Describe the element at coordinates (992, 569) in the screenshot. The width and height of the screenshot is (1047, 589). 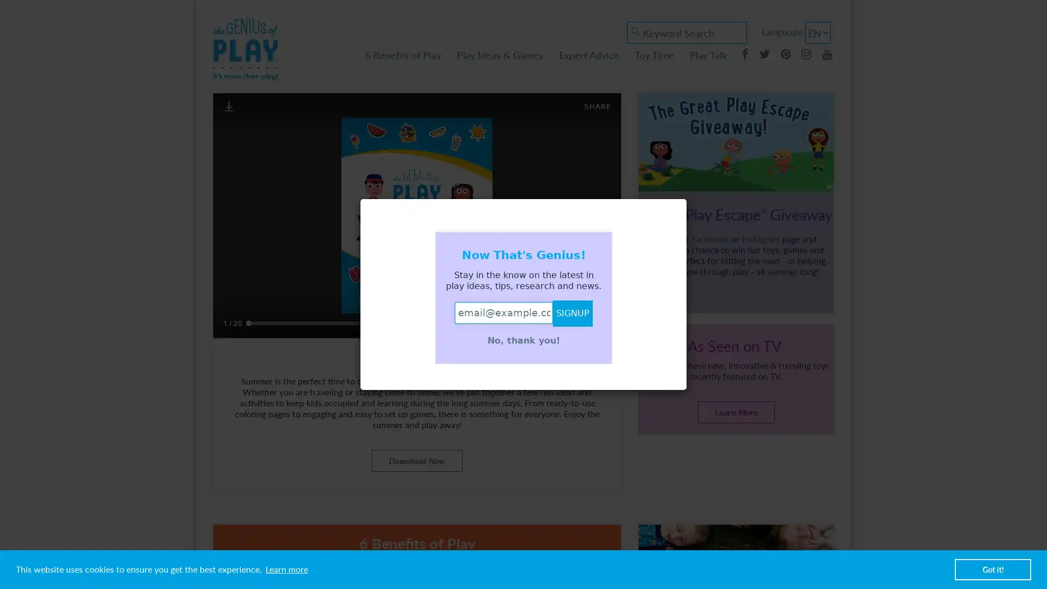
I see `dismiss cookie message` at that location.